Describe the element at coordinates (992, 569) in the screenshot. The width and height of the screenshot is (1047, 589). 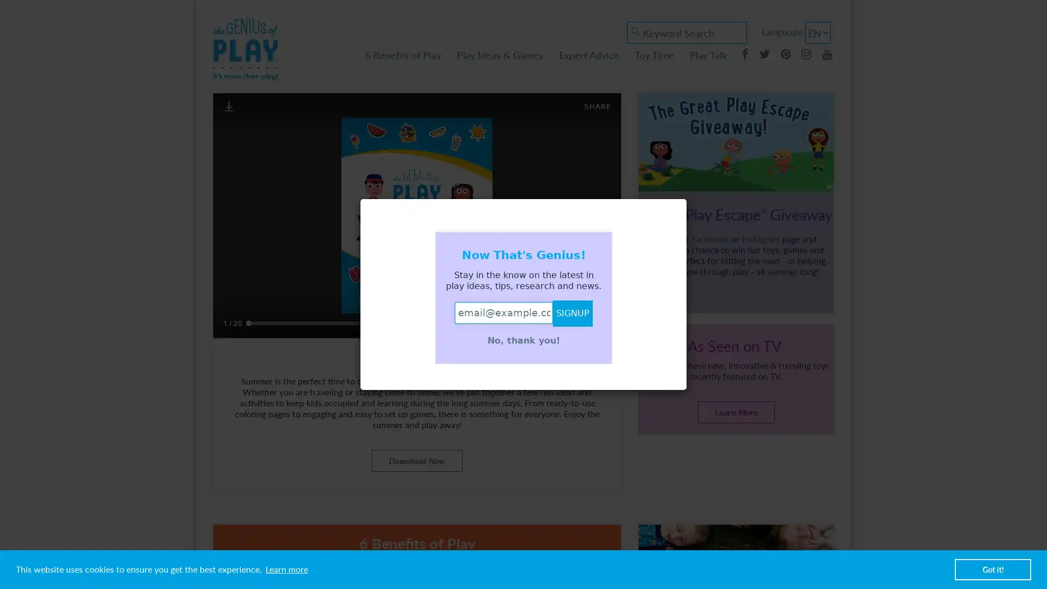
I see `dismiss cookie message` at that location.